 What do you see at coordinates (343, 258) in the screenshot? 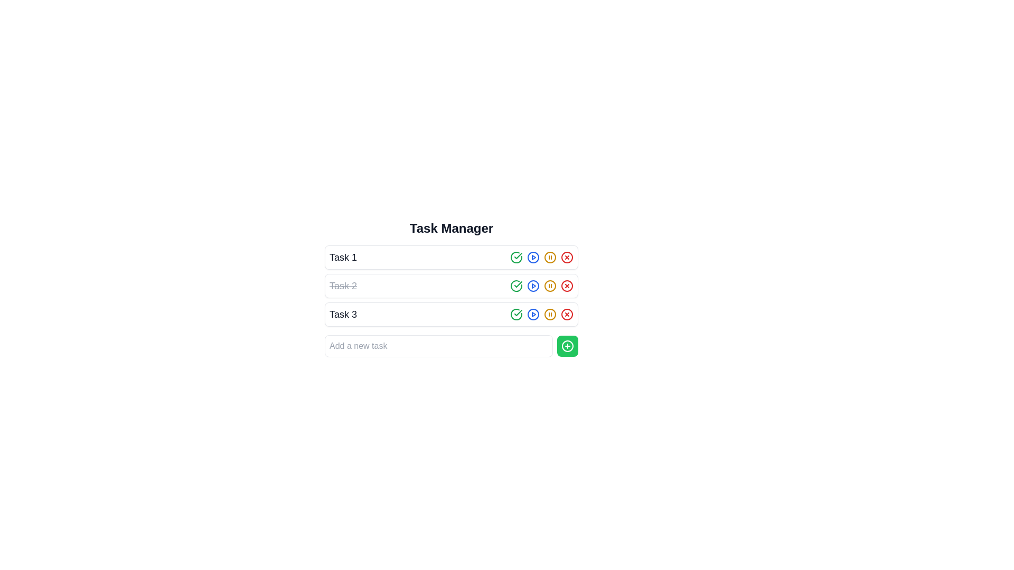
I see `text content of the label positioned within the first task entry, aligned to the left near action buttons` at bounding box center [343, 258].